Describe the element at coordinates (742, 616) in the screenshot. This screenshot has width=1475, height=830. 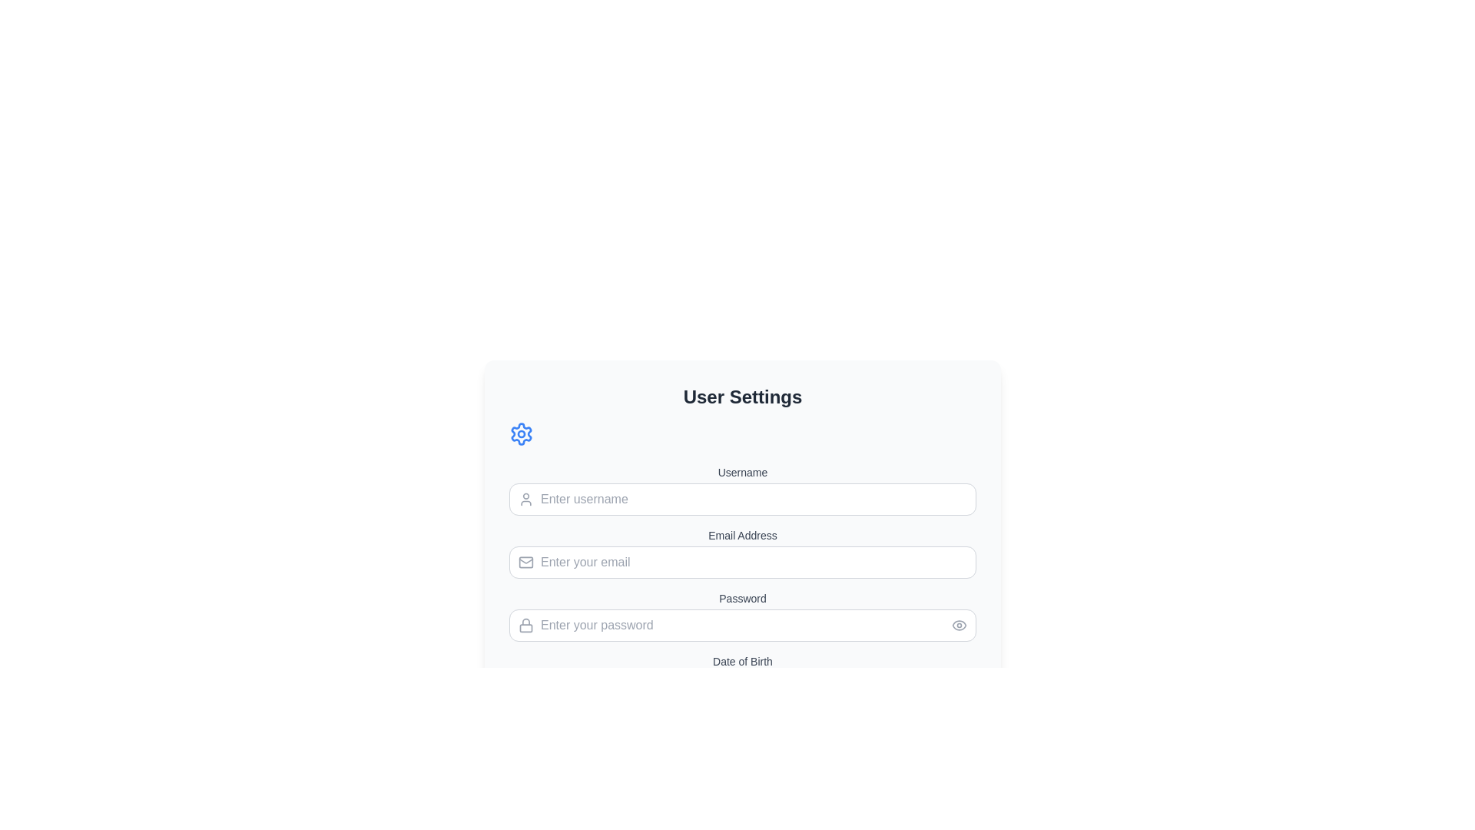
I see `the Password input field with visibility toggle` at that location.